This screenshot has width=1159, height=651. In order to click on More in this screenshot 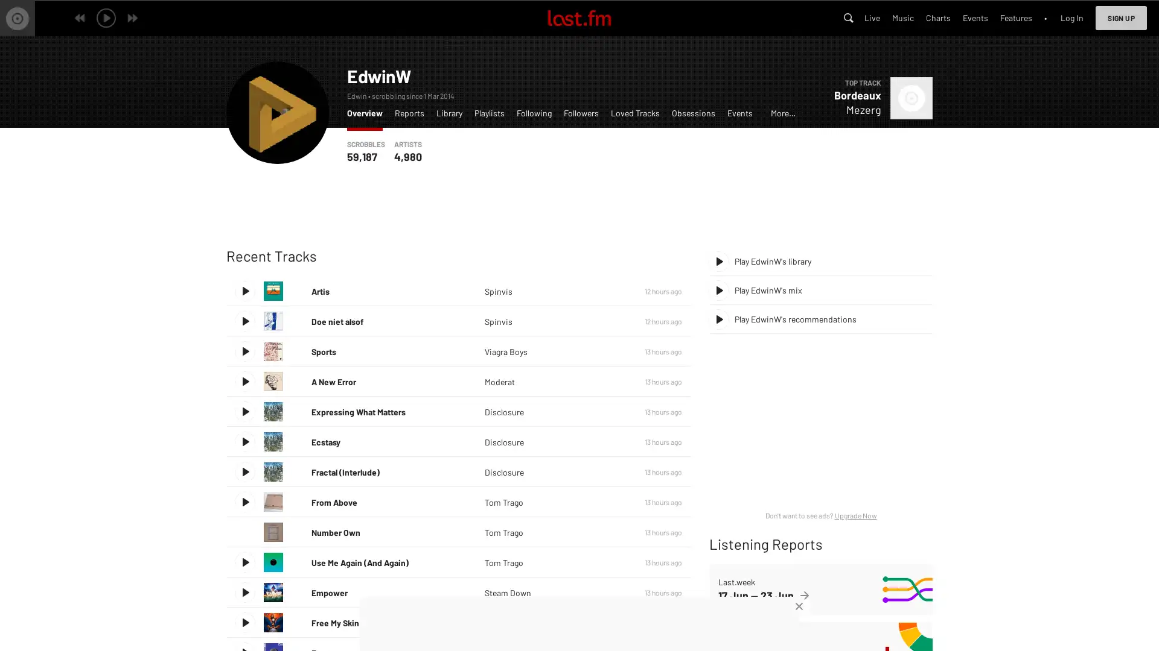, I will do `click(608, 562)`.